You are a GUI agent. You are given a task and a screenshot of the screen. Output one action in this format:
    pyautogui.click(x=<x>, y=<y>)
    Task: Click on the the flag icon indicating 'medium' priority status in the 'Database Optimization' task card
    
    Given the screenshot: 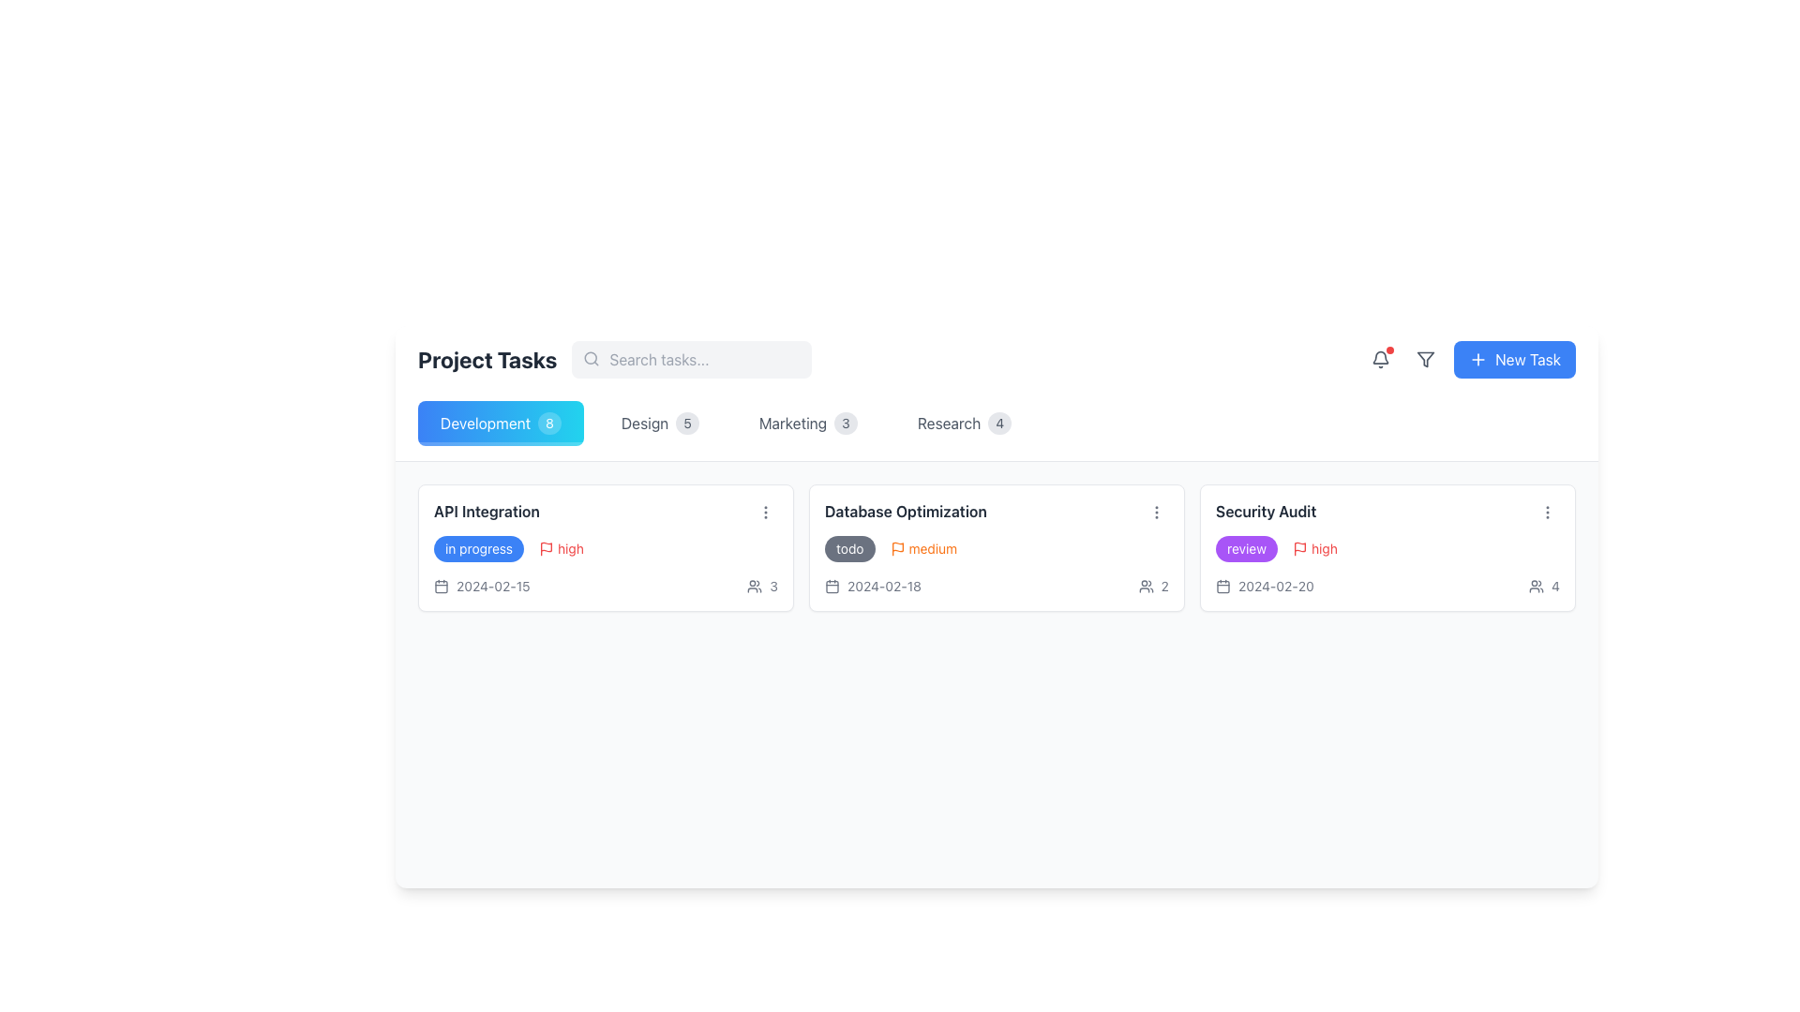 What is the action you would take?
    pyautogui.click(x=896, y=548)
    